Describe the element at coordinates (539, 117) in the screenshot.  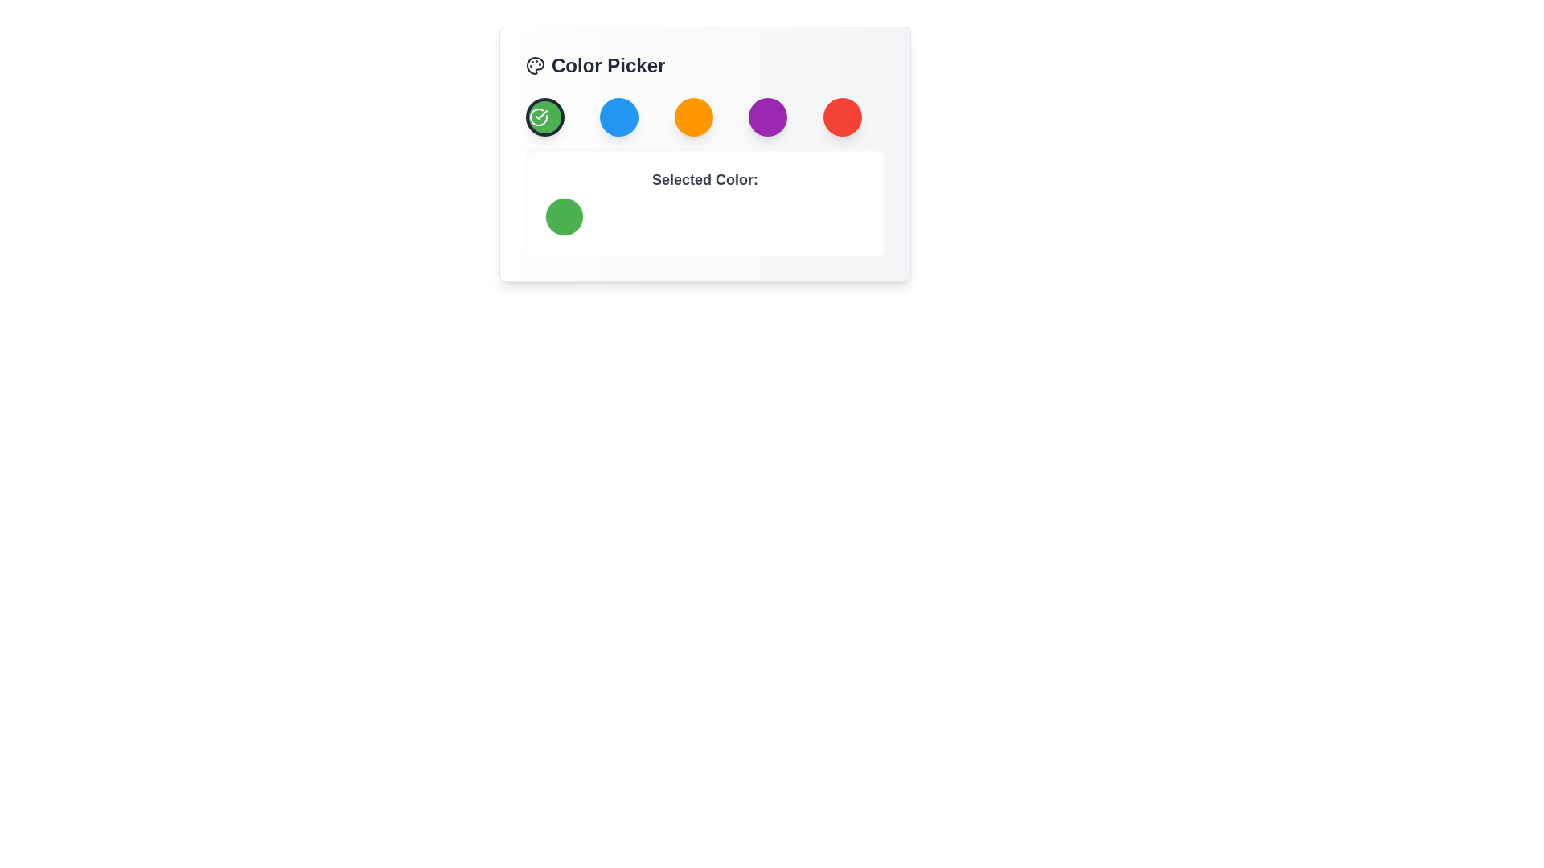
I see `the green SVG icon that indicates the currently selected color in the color picker tool, which is the first element in the horizontal sequence of color selections` at that location.